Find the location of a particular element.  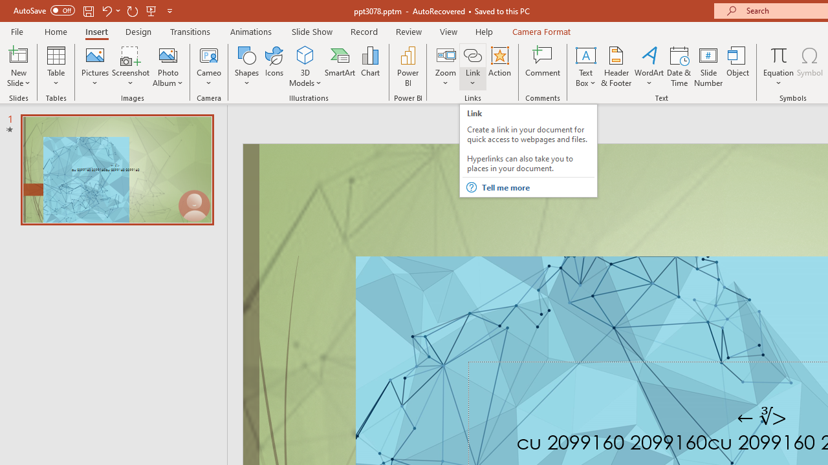

'Record' is located at coordinates (363, 31).